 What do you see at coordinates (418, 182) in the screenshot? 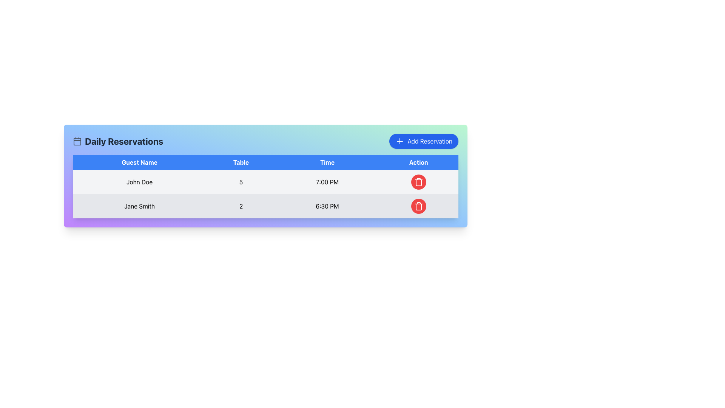
I see `the delete Icon Button located in the rightmost cell of the first row of the table, aligned with the 'John Doe' entry in the 'Guest Name' column to observe a color change` at bounding box center [418, 182].